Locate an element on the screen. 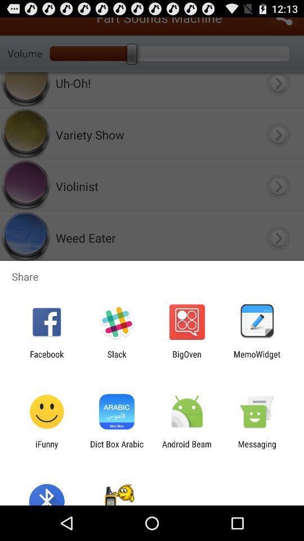  the icon to the left of messaging app is located at coordinates (187, 449).